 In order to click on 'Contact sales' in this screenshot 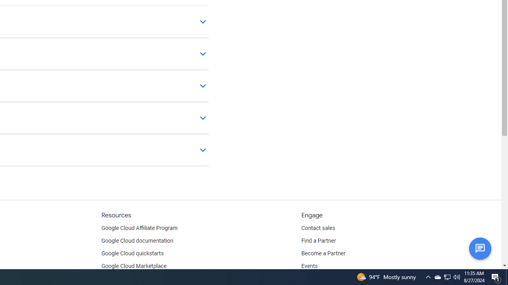, I will do `click(318, 228)`.